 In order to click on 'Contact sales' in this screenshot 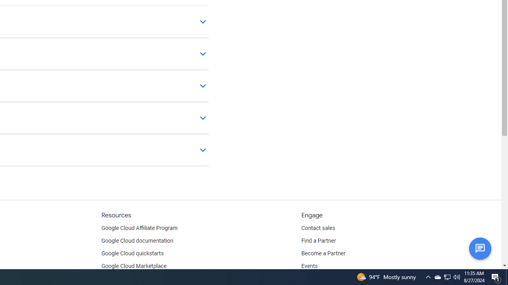, I will do `click(318, 228)`.